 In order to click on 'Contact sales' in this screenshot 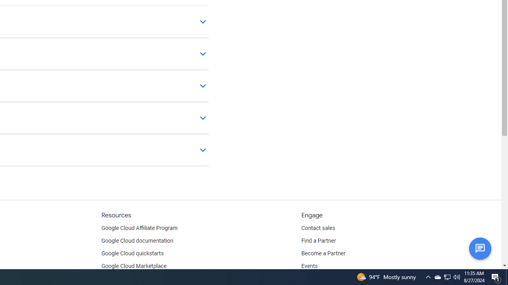, I will do `click(318, 228)`.